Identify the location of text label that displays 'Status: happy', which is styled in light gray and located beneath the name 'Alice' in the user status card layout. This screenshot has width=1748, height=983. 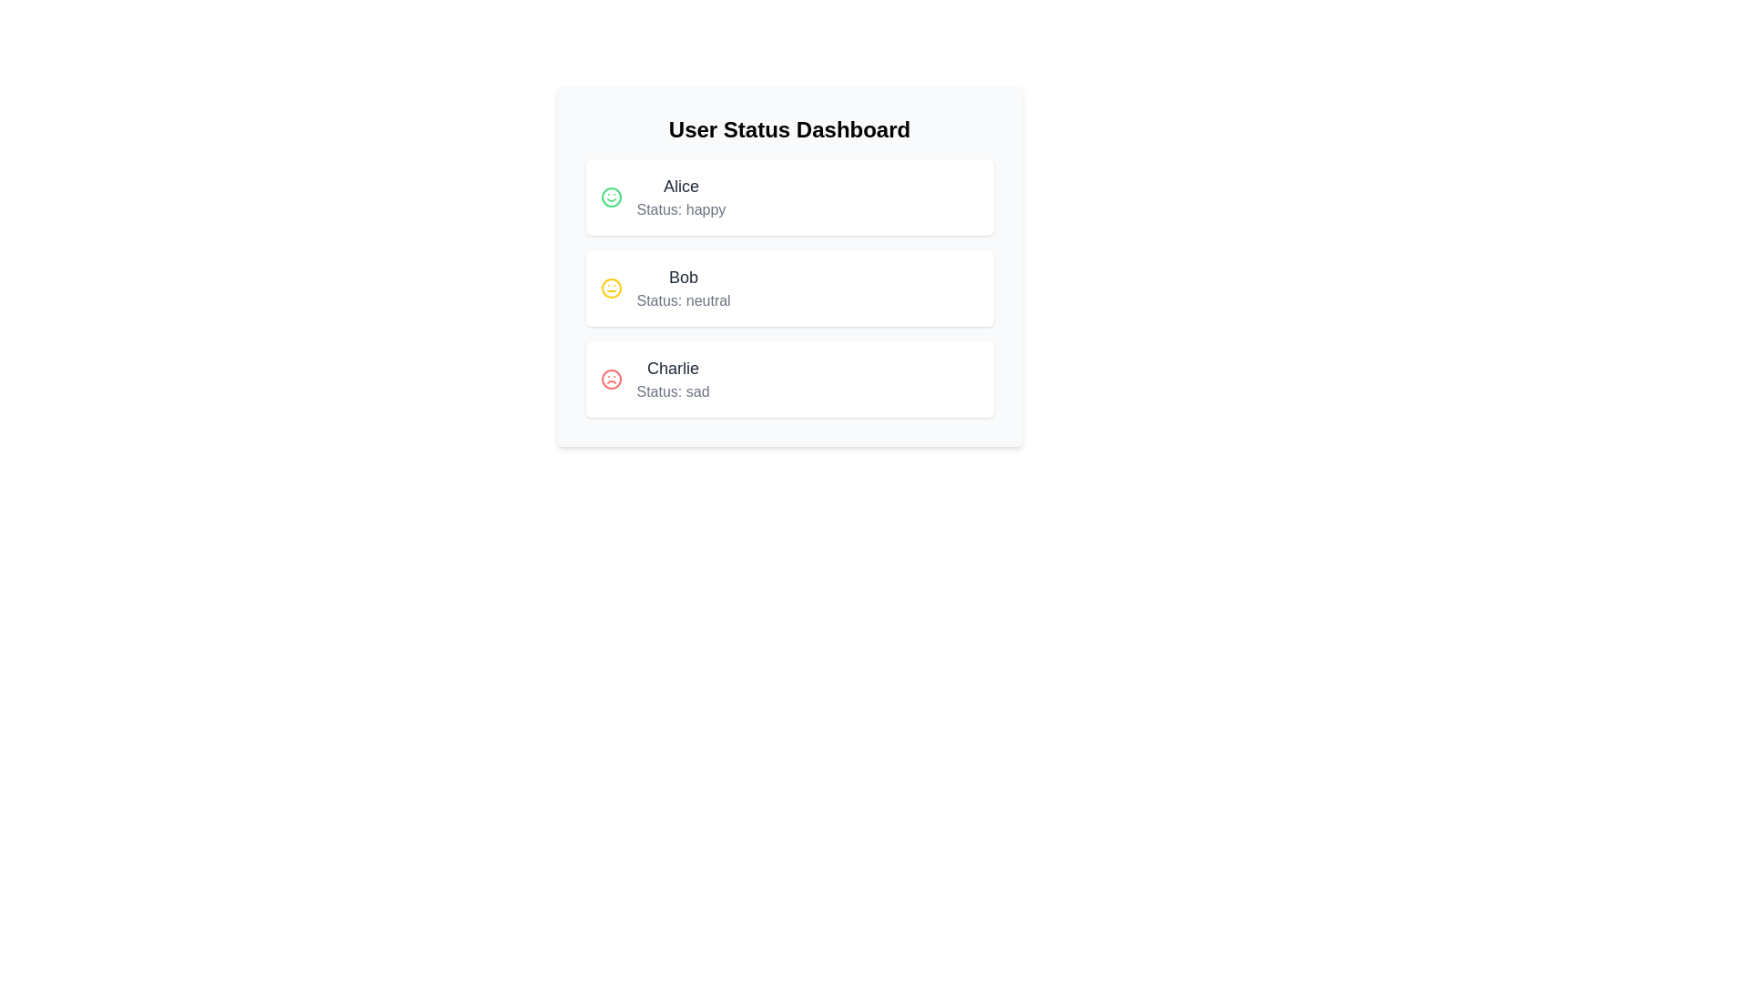
(680, 209).